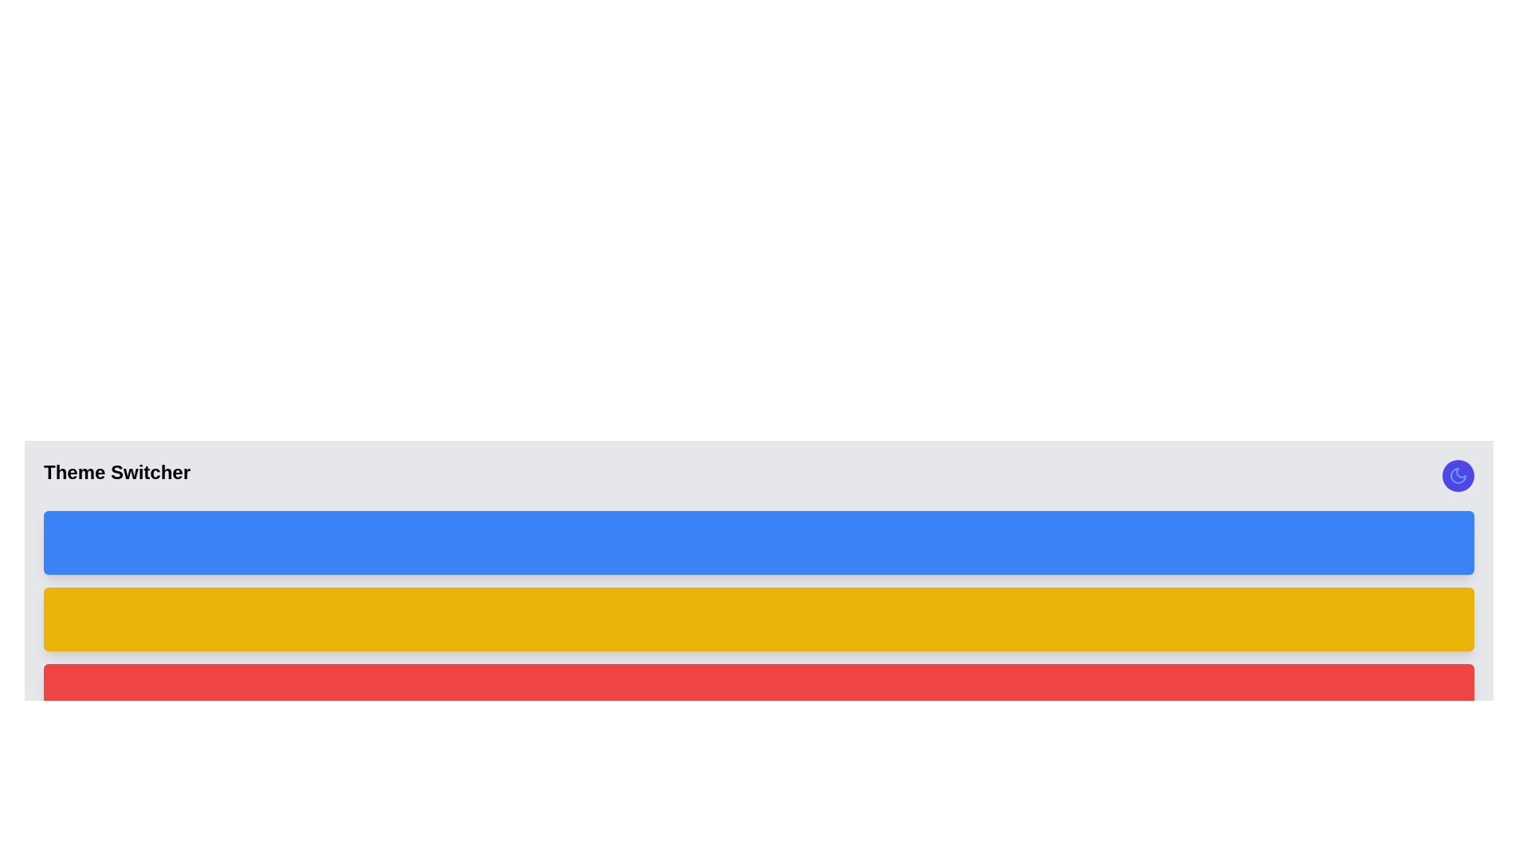 The height and width of the screenshot is (861, 1531). What do you see at coordinates (758, 618) in the screenshot?
I see `the second horizontal rectangular bar with a yellow background, rounded corners, and a shadow effect, which is positioned between a blue bar above and a red bar below` at bounding box center [758, 618].